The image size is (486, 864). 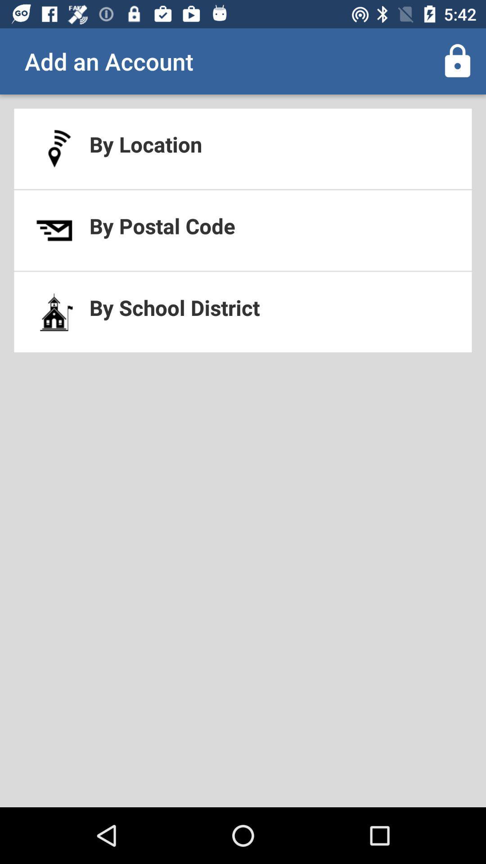 What do you see at coordinates (243, 230) in the screenshot?
I see `the    by postal code item` at bounding box center [243, 230].